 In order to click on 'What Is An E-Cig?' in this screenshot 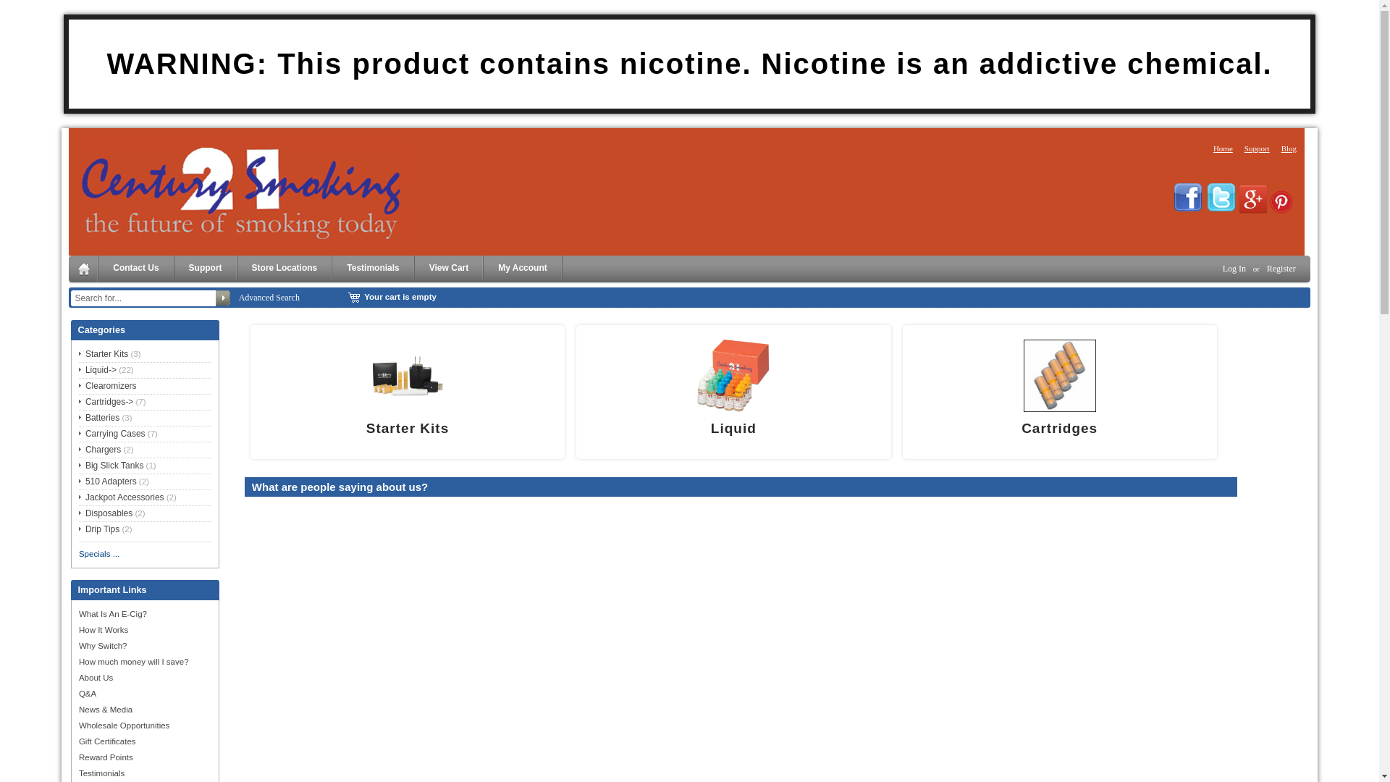, I will do `click(112, 614)`.